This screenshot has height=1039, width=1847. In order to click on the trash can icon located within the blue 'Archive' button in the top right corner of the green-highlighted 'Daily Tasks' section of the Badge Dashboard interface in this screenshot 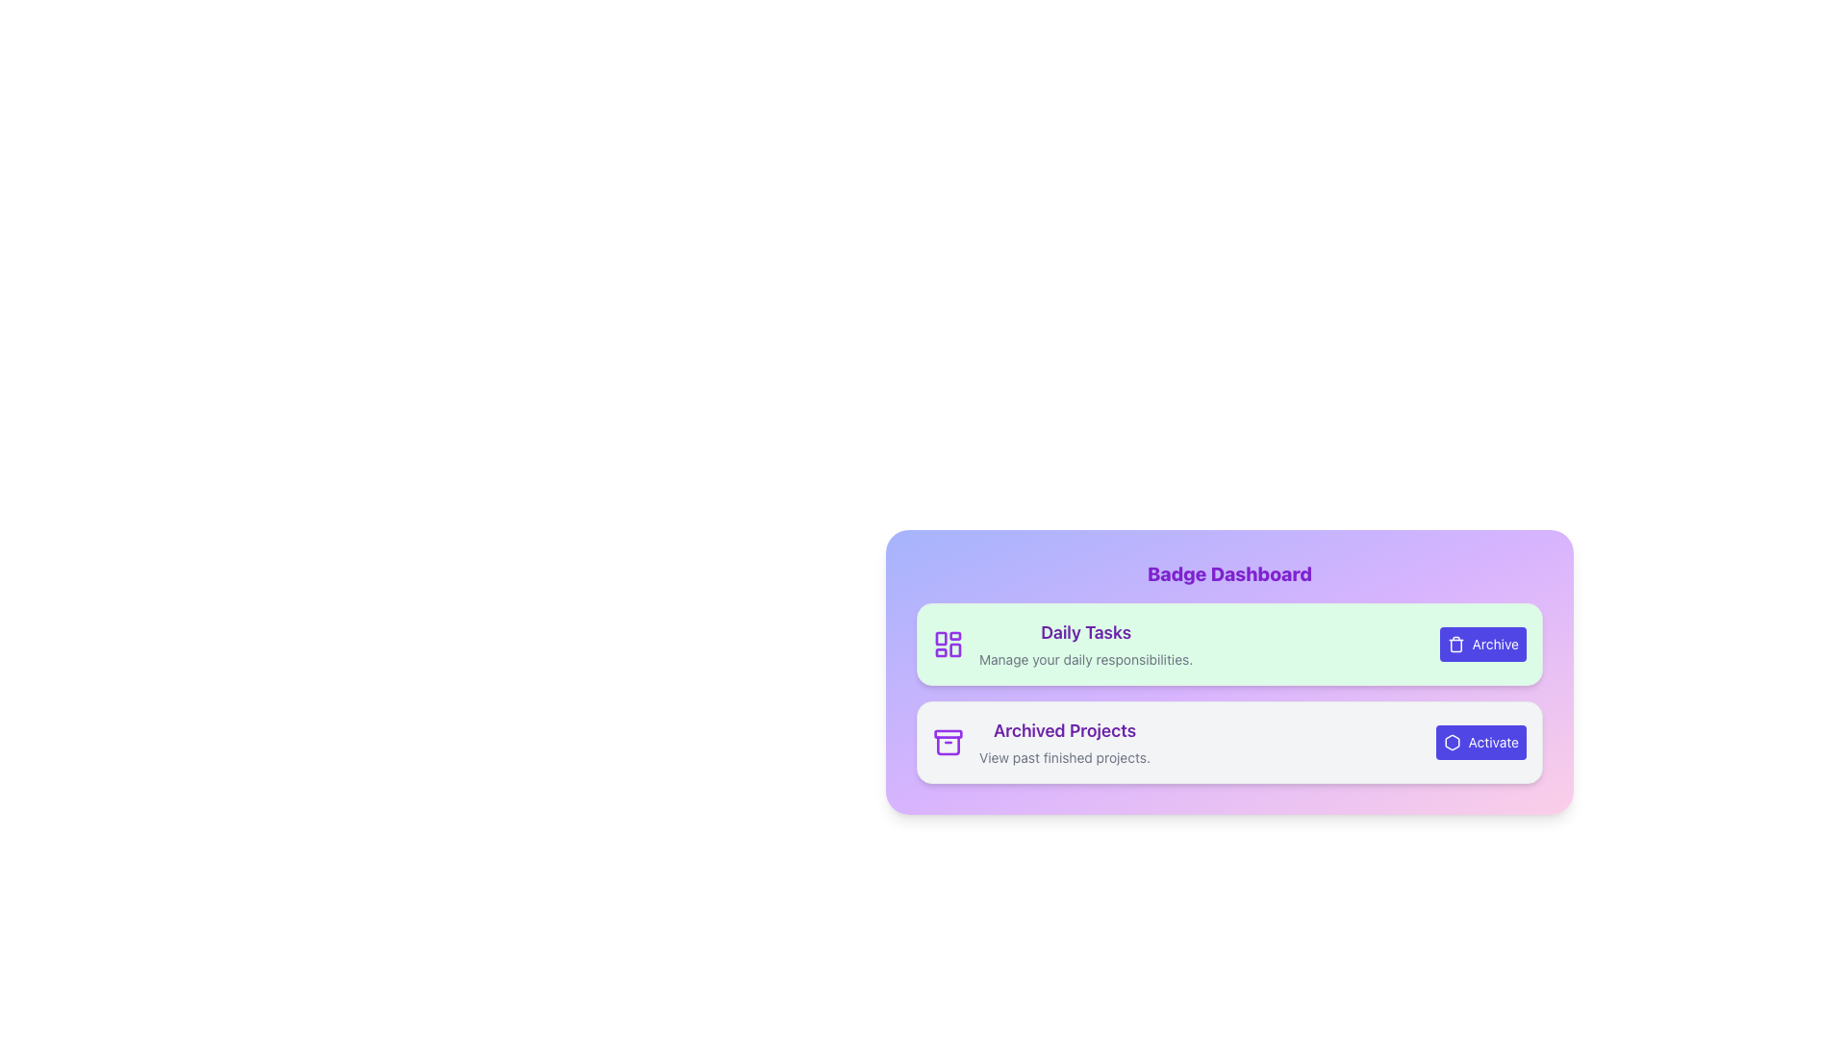, I will do `click(1455, 645)`.